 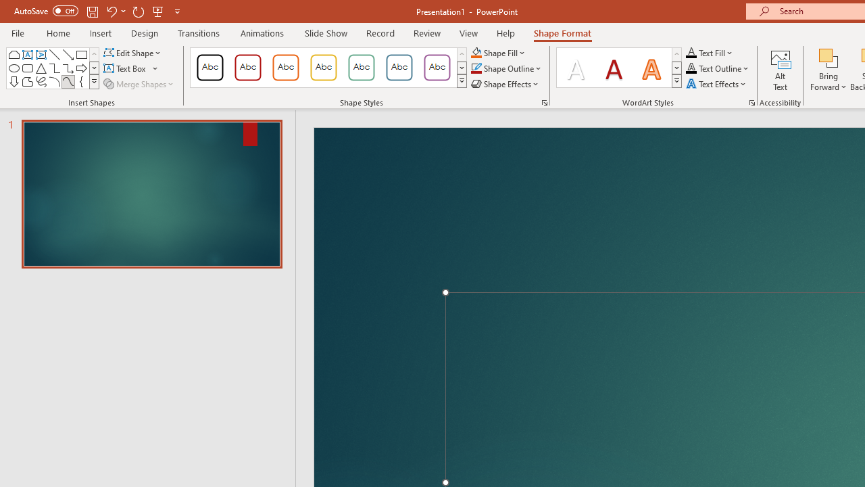 I want to click on 'Help', so click(x=505, y=32).